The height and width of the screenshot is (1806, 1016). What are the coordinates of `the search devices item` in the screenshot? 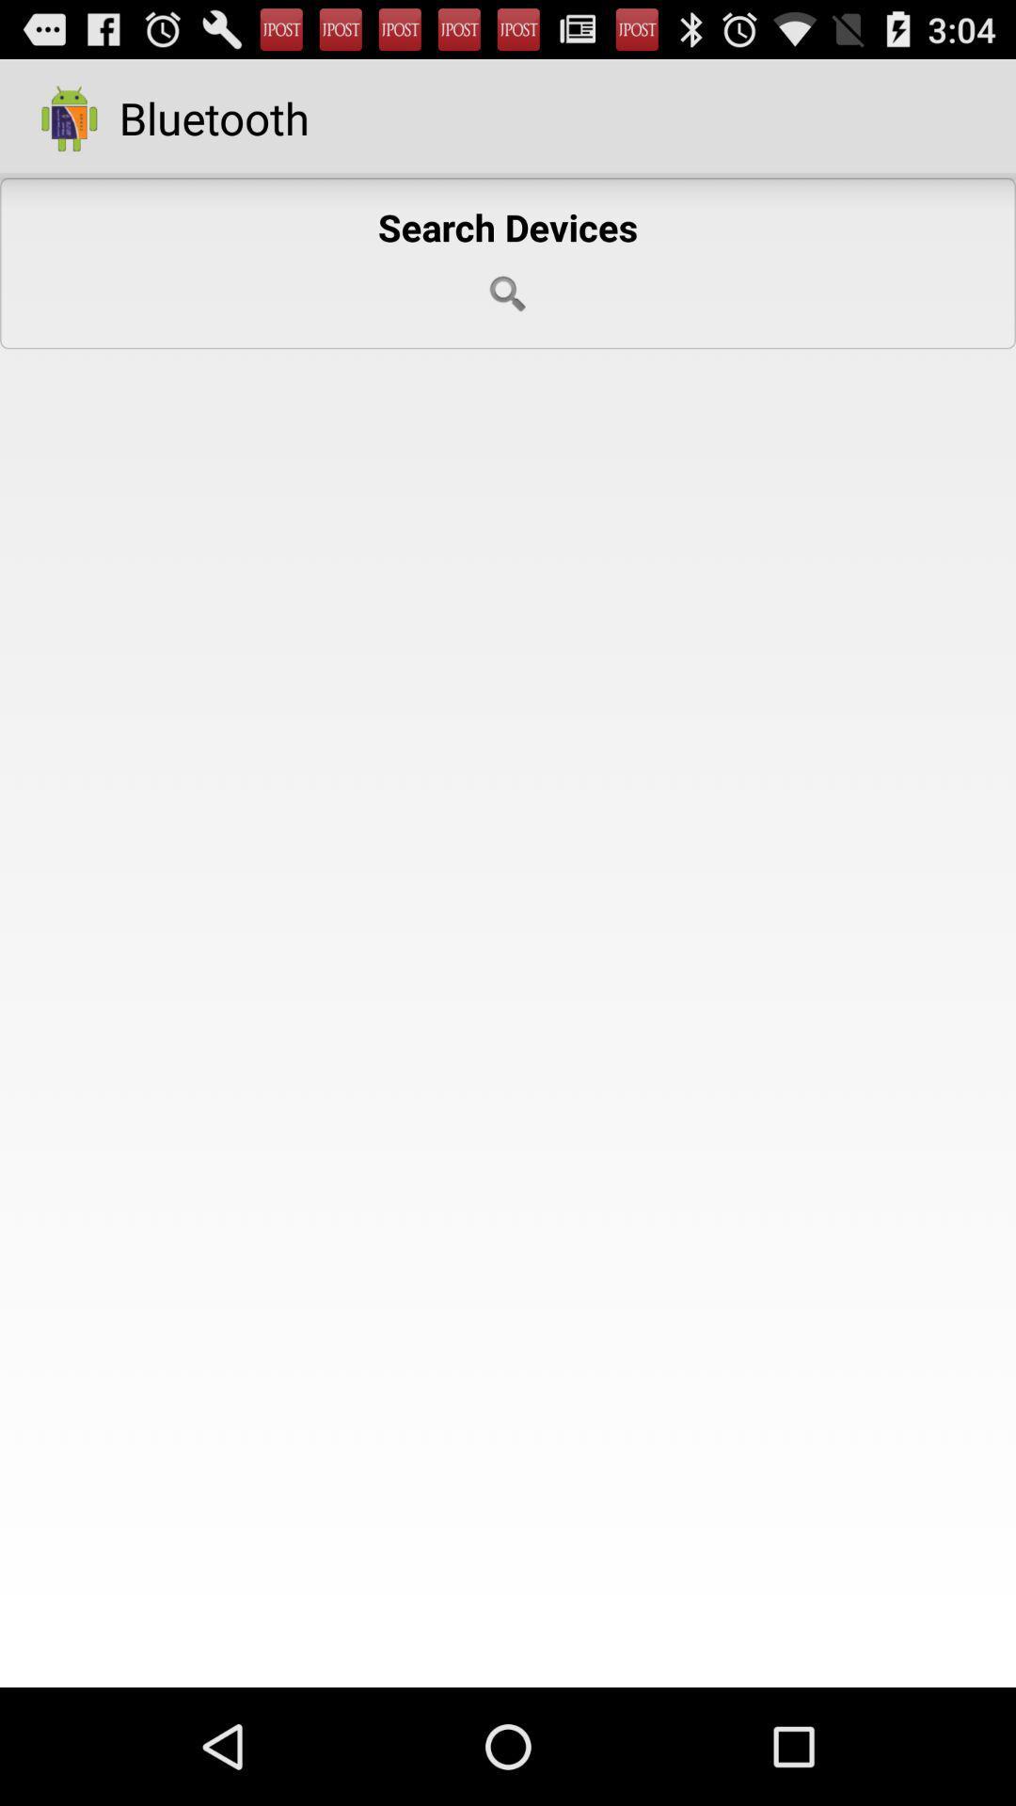 It's located at (508, 262).